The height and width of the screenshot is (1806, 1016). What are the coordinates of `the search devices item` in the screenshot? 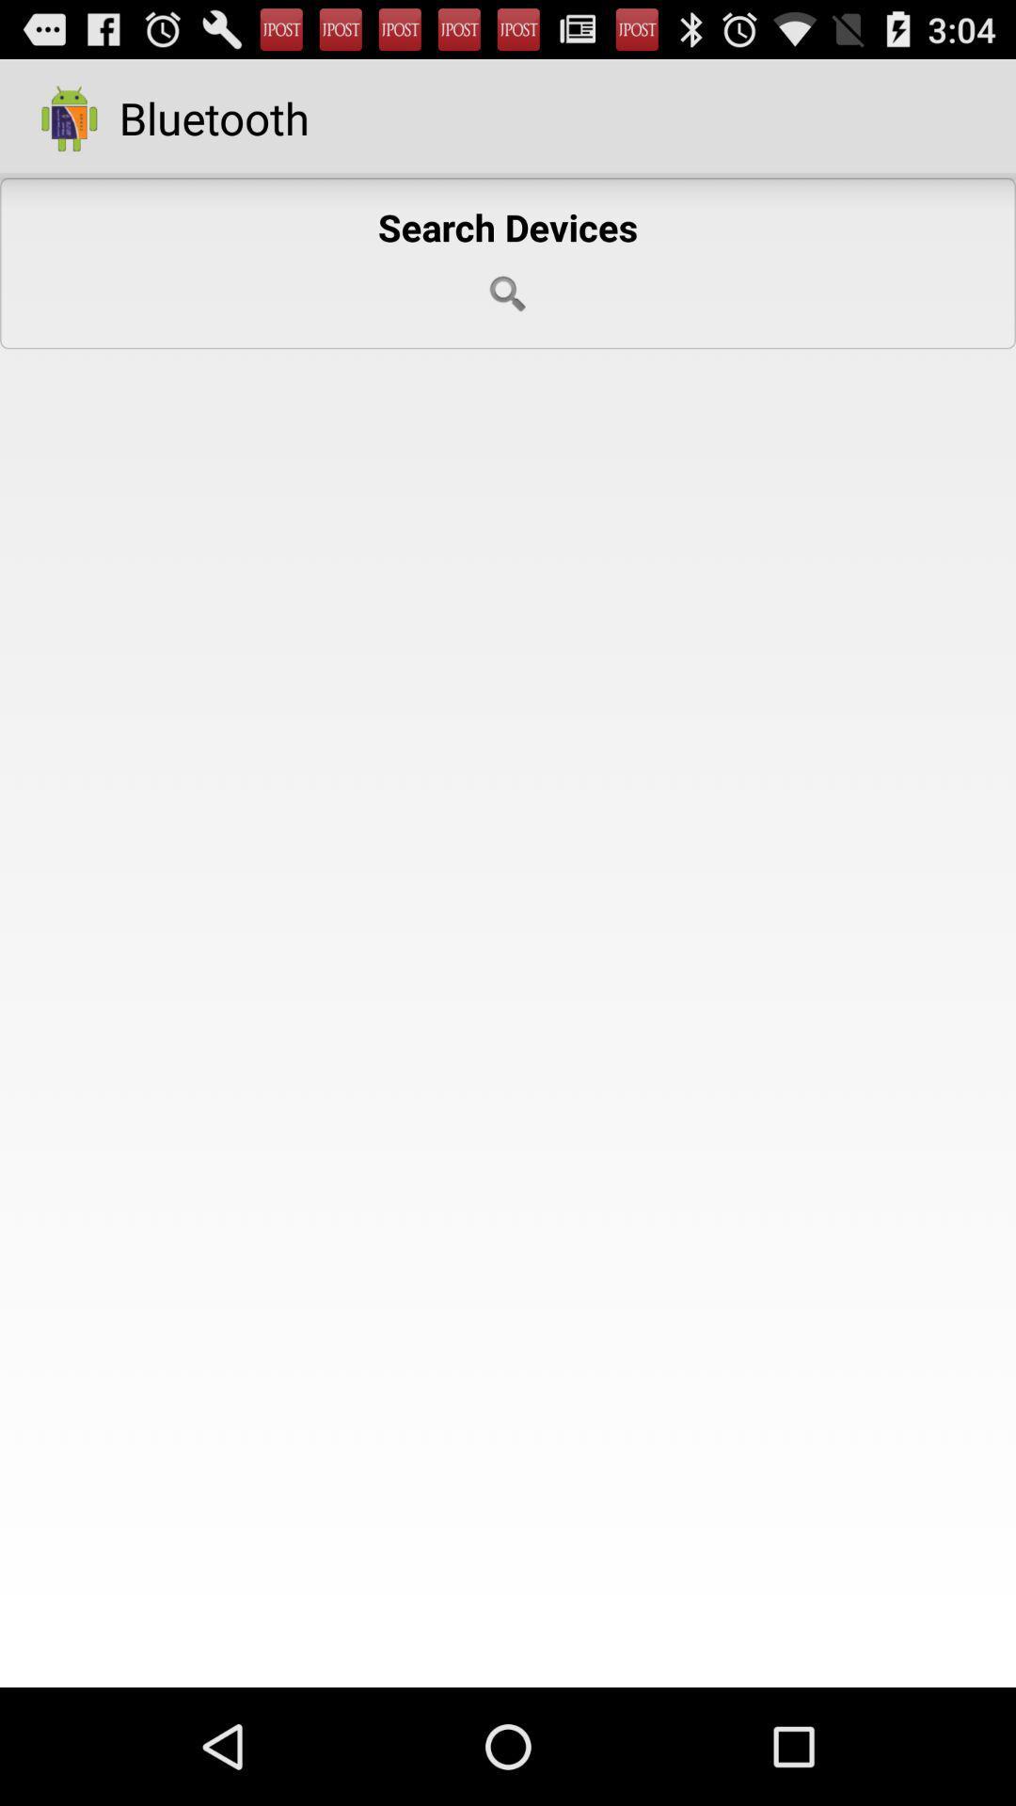 It's located at (508, 262).